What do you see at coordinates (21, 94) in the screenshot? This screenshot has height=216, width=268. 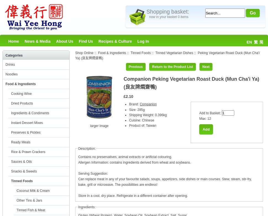 I see `'Cooking Wine'` at bounding box center [21, 94].